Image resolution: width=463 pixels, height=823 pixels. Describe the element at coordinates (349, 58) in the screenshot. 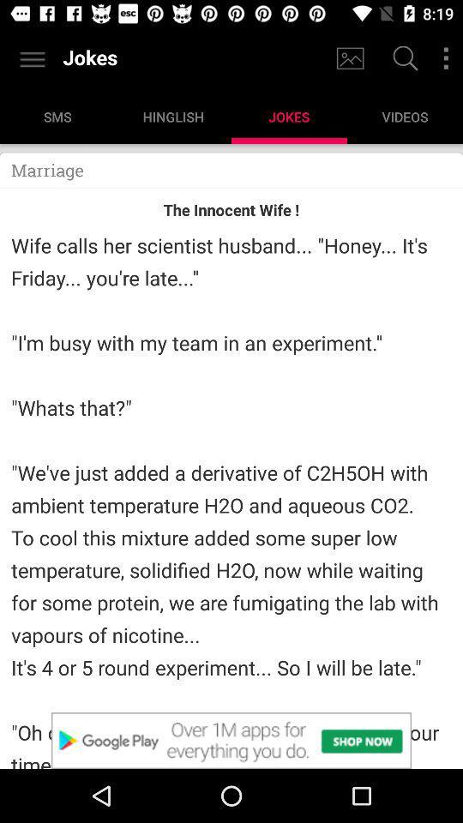

I see `picture view` at that location.